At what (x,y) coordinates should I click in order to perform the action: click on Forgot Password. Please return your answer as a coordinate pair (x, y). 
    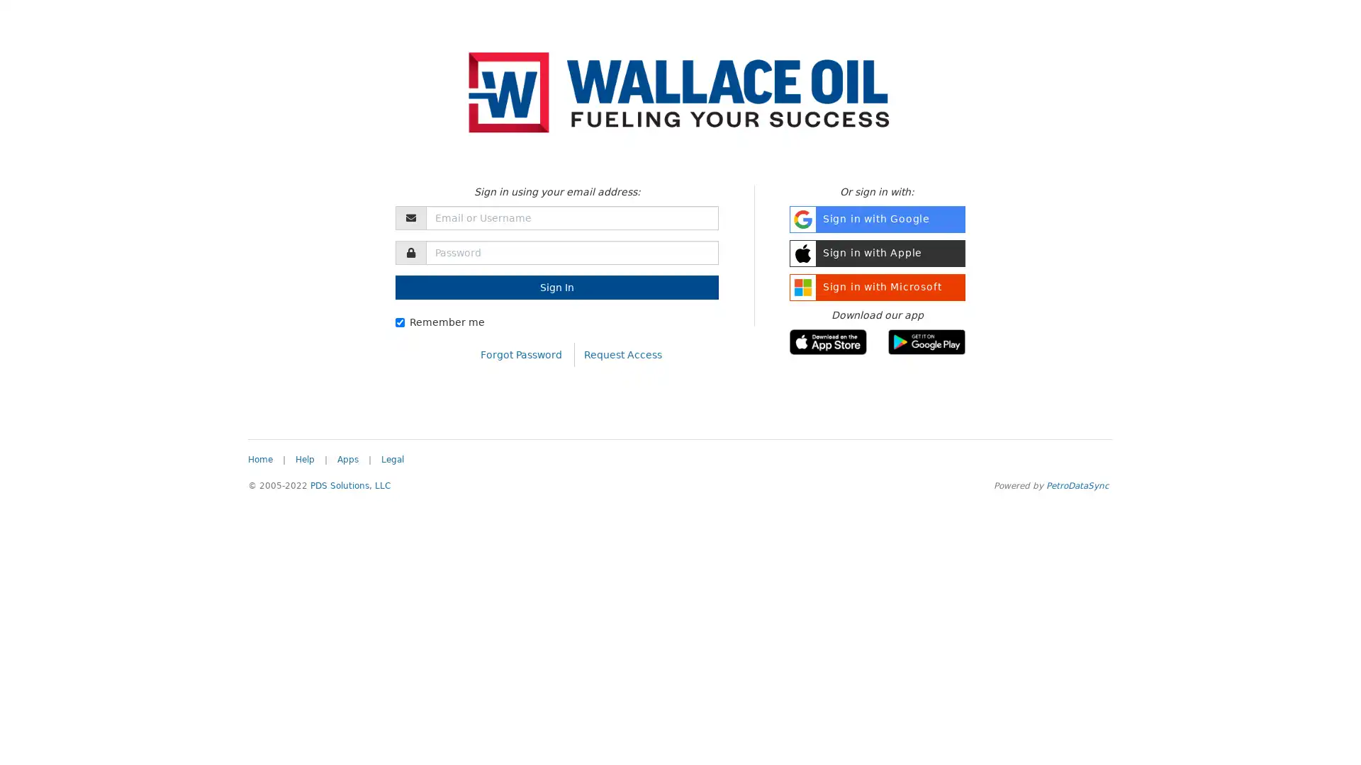
    Looking at the image, I should click on (520, 353).